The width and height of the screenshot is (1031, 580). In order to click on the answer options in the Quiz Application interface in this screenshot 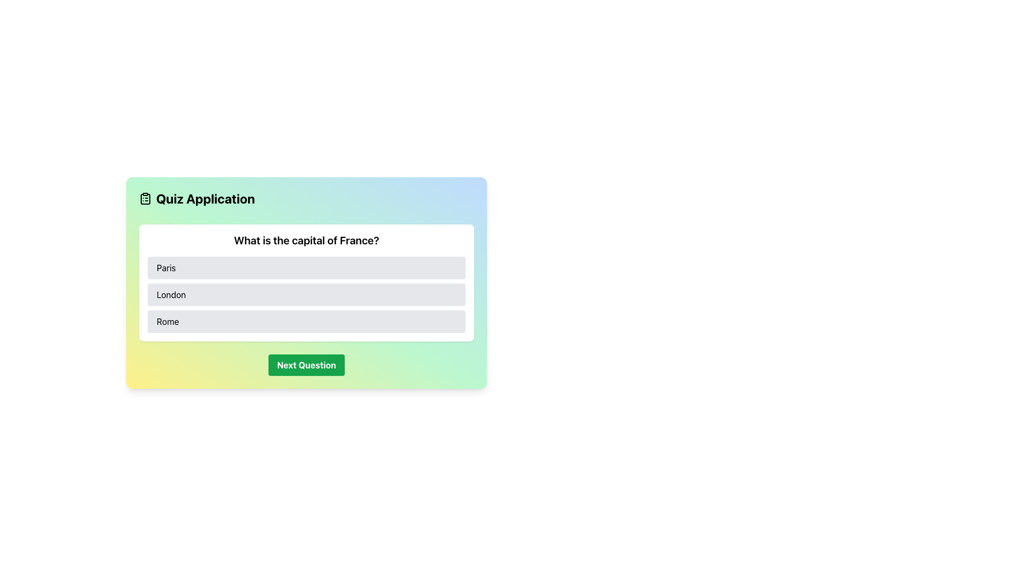, I will do `click(306, 282)`.